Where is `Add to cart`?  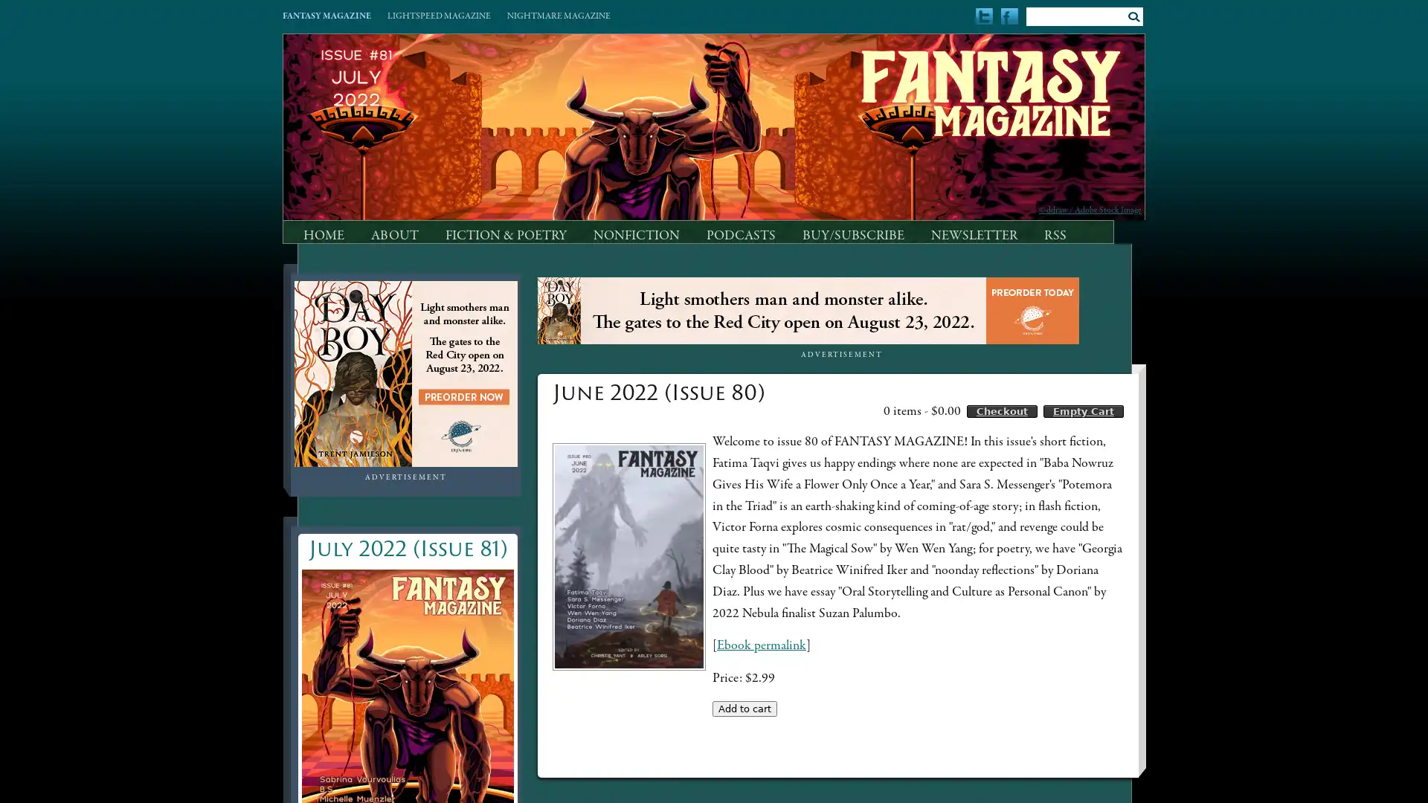 Add to cart is located at coordinates (744, 707).